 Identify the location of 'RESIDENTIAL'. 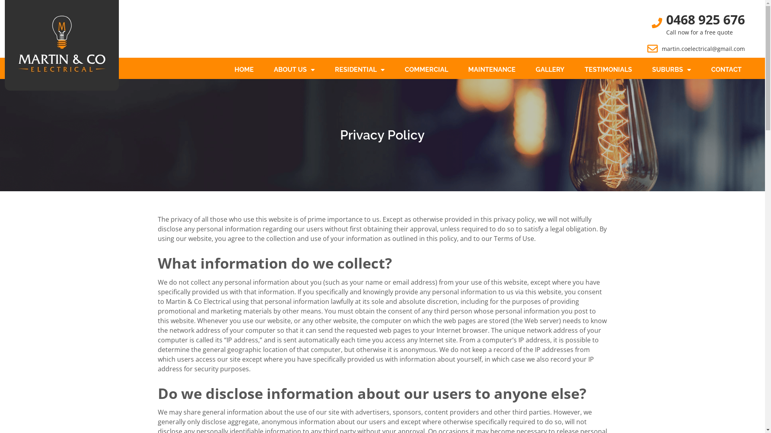
(359, 69).